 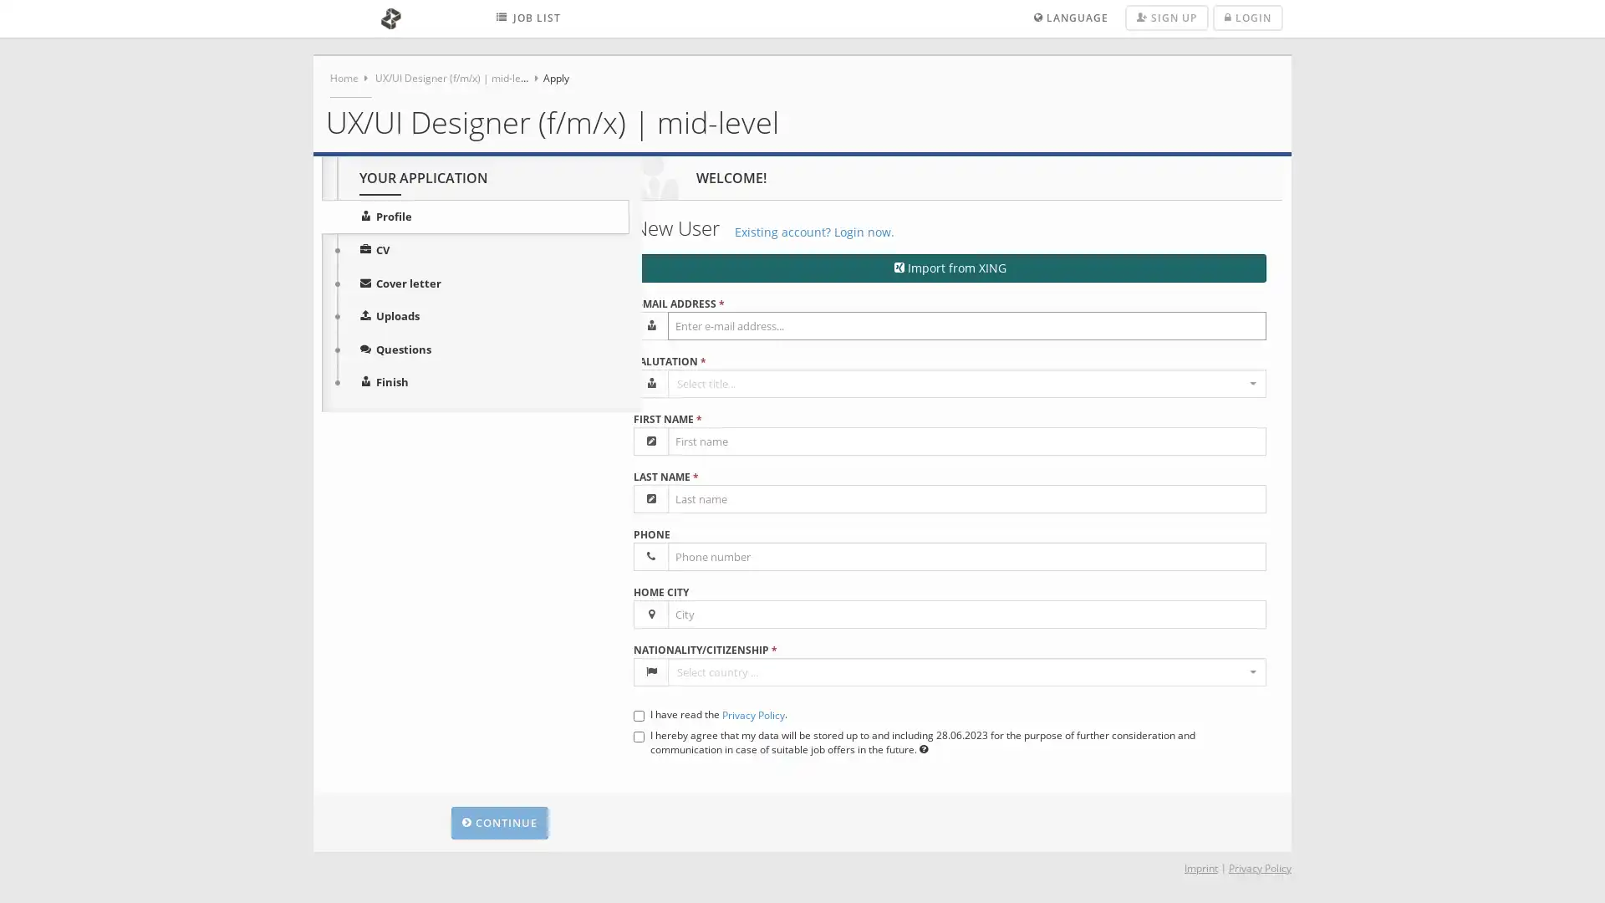 I want to click on CONTINUE, so click(x=499, y=821).